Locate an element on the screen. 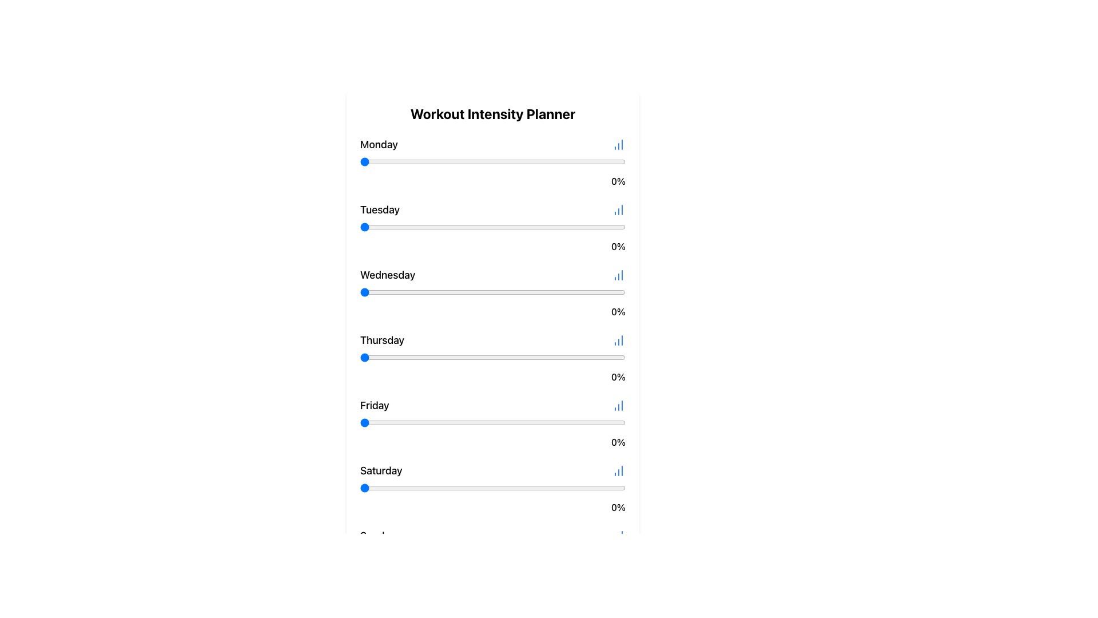 This screenshot has height=618, width=1098. the Thursday intensity is located at coordinates (609, 356).